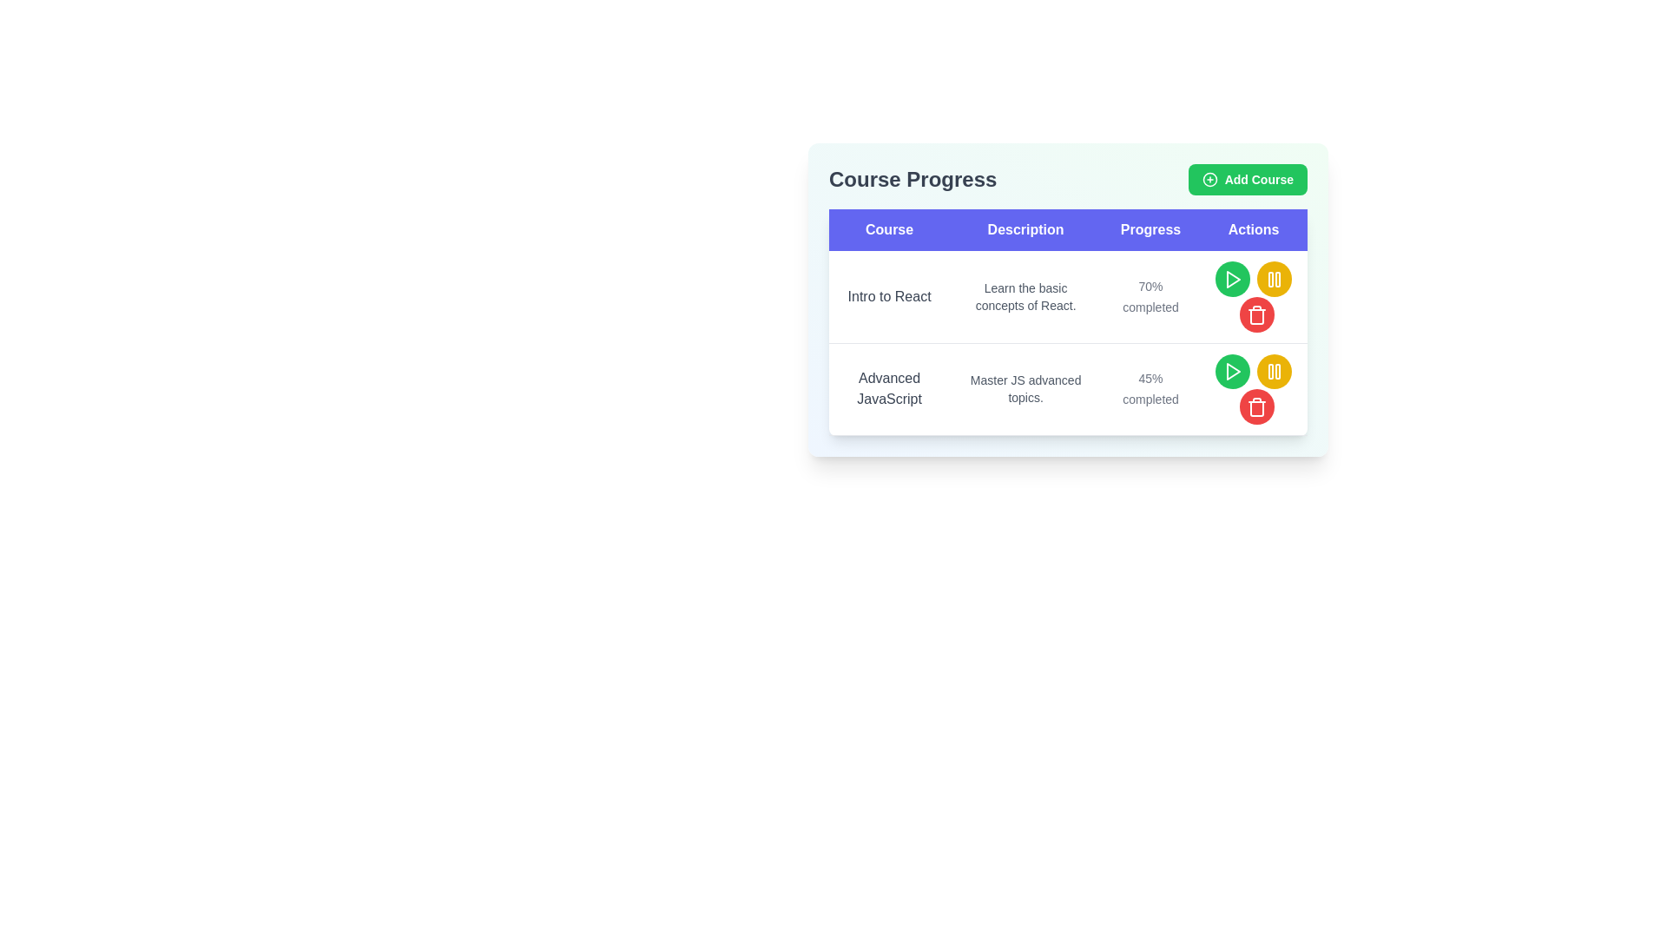  Describe the element at coordinates (1150, 388) in the screenshot. I see `the informative label indicating the progress of the 'Advanced JavaScript' course` at that location.